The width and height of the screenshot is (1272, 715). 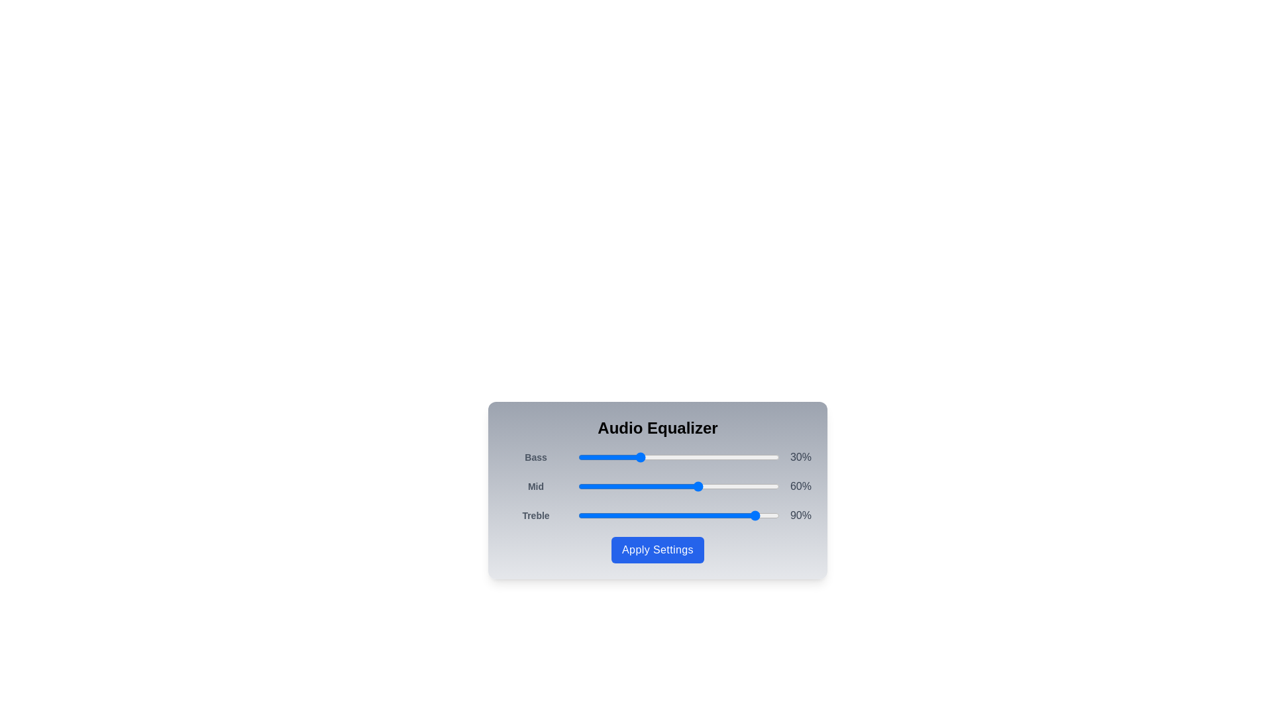 What do you see at coordinates (658, 549) in the screenshot?
I see `'Apply Settings' button to apply the equalizer settings` at bounding box center [658, 549].